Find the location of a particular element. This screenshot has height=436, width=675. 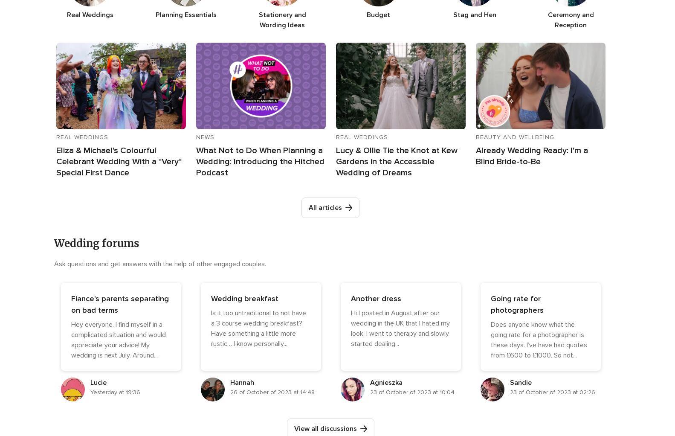

'Wedding breakfast' is located at coordinates (244, 298).